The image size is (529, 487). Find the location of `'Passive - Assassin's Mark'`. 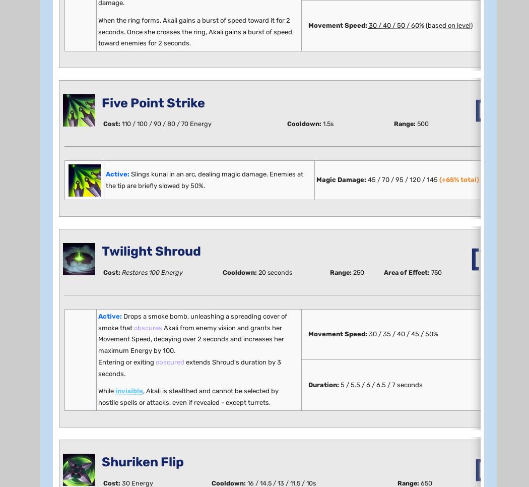

'Passive - Assassin's Mark' is located at coordinates (126, 215).